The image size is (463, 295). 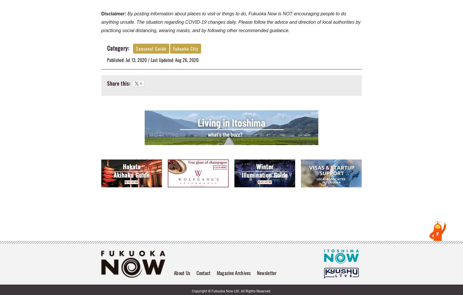 I want to click on 'Magazine Archives', so click(x=233, y=272).